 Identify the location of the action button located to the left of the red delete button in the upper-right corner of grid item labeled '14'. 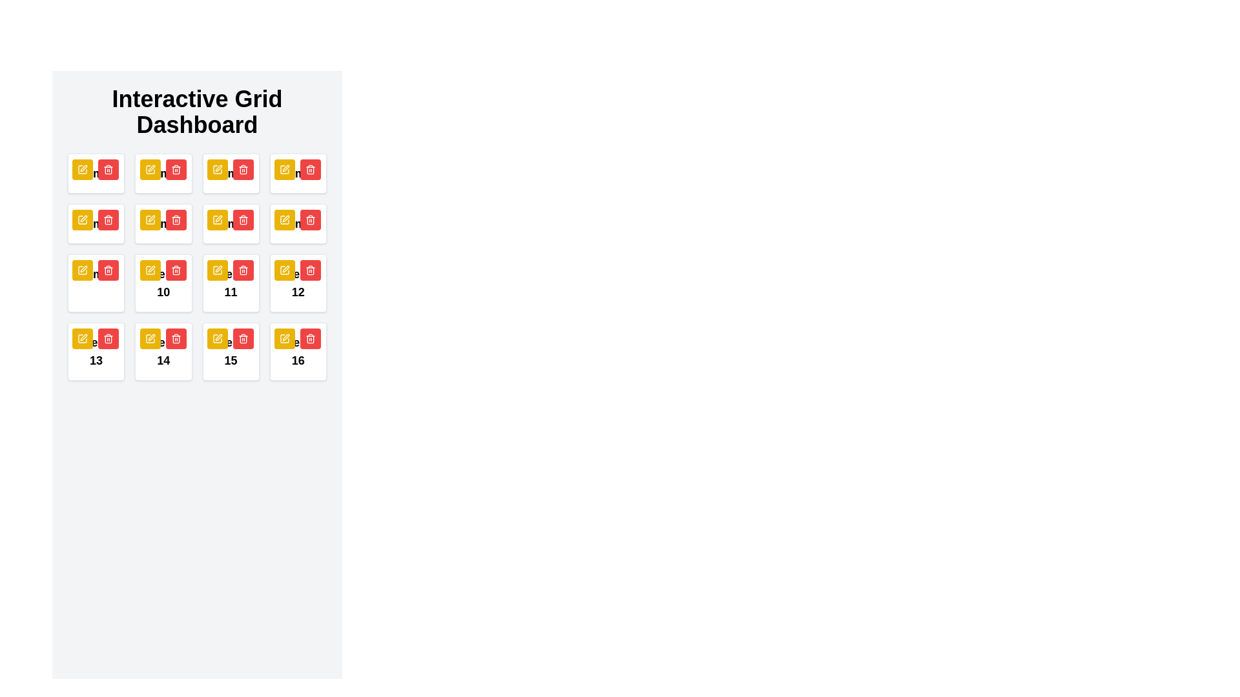
(150, 338).